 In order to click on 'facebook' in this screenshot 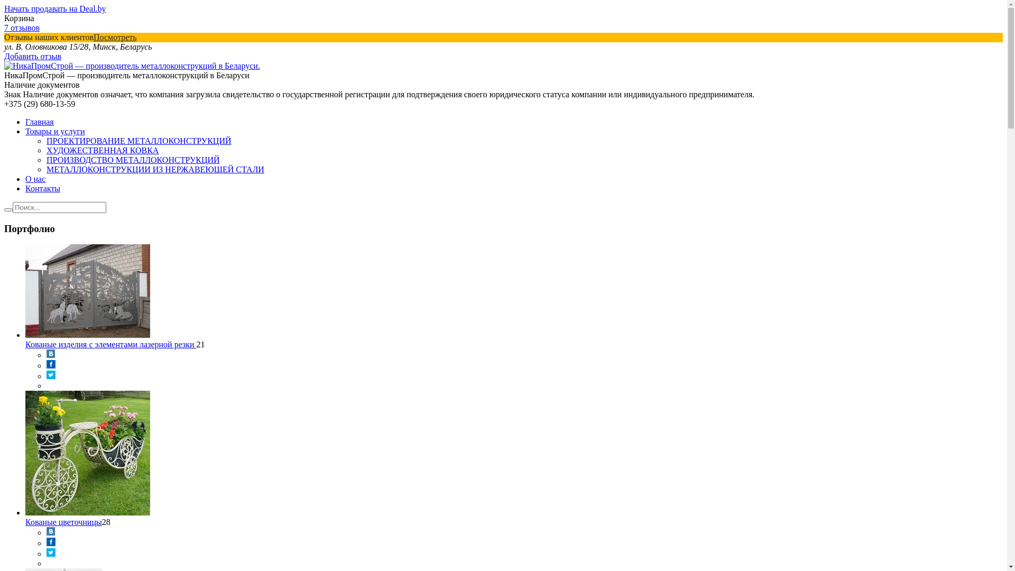, I will do `click(45, 365)`.